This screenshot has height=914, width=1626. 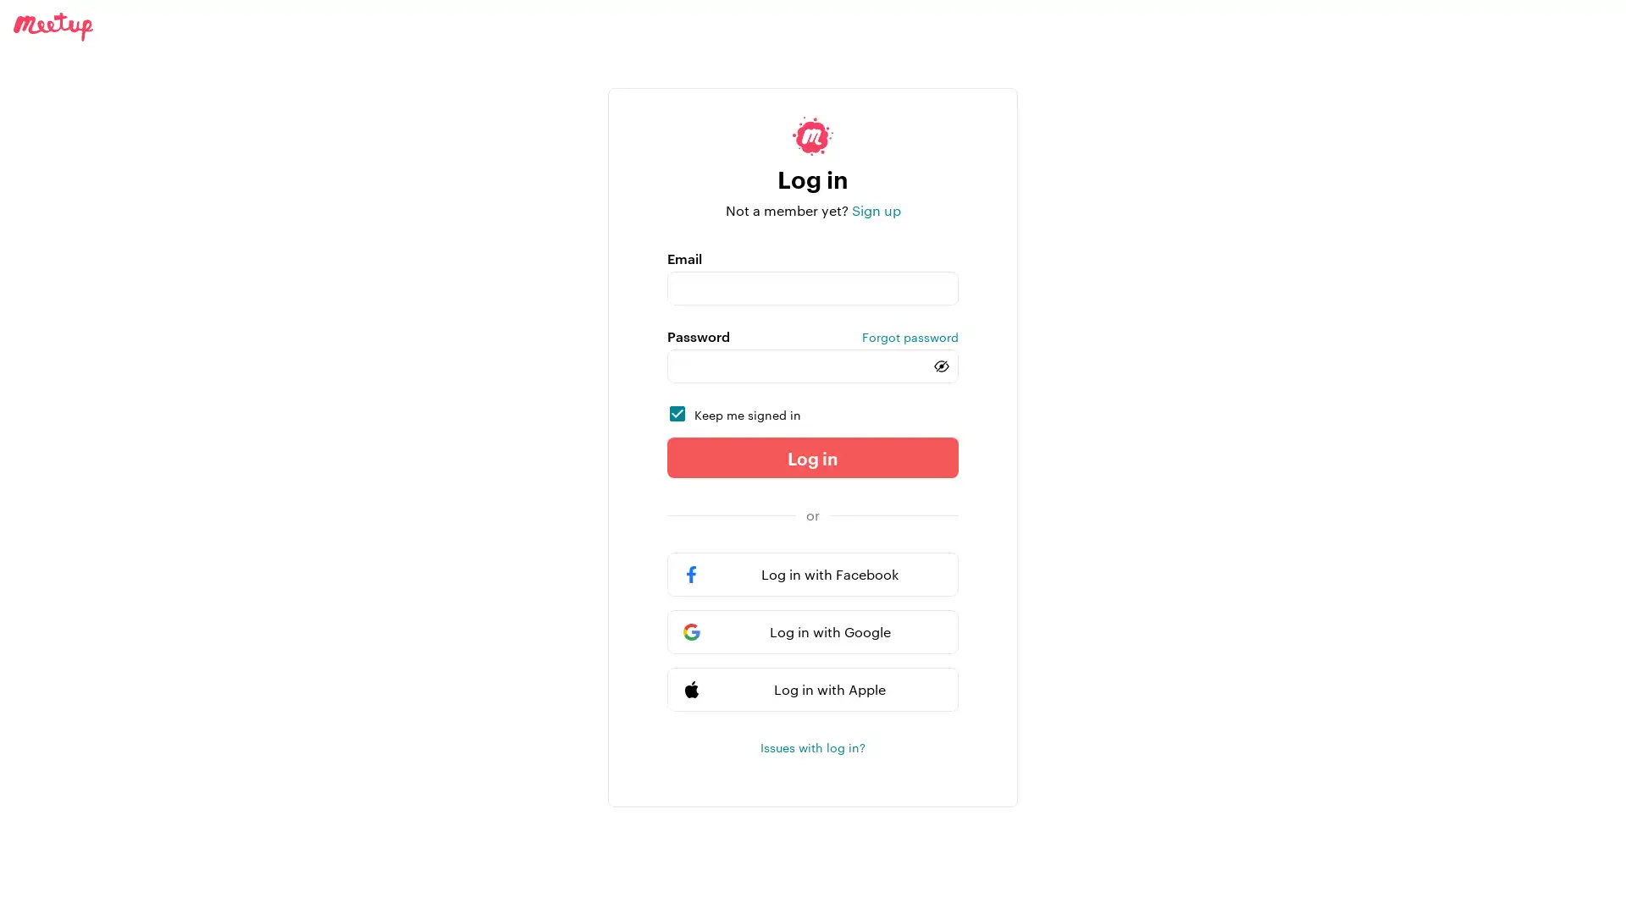 I want to click on Show password button, so click(x=941, y=365).